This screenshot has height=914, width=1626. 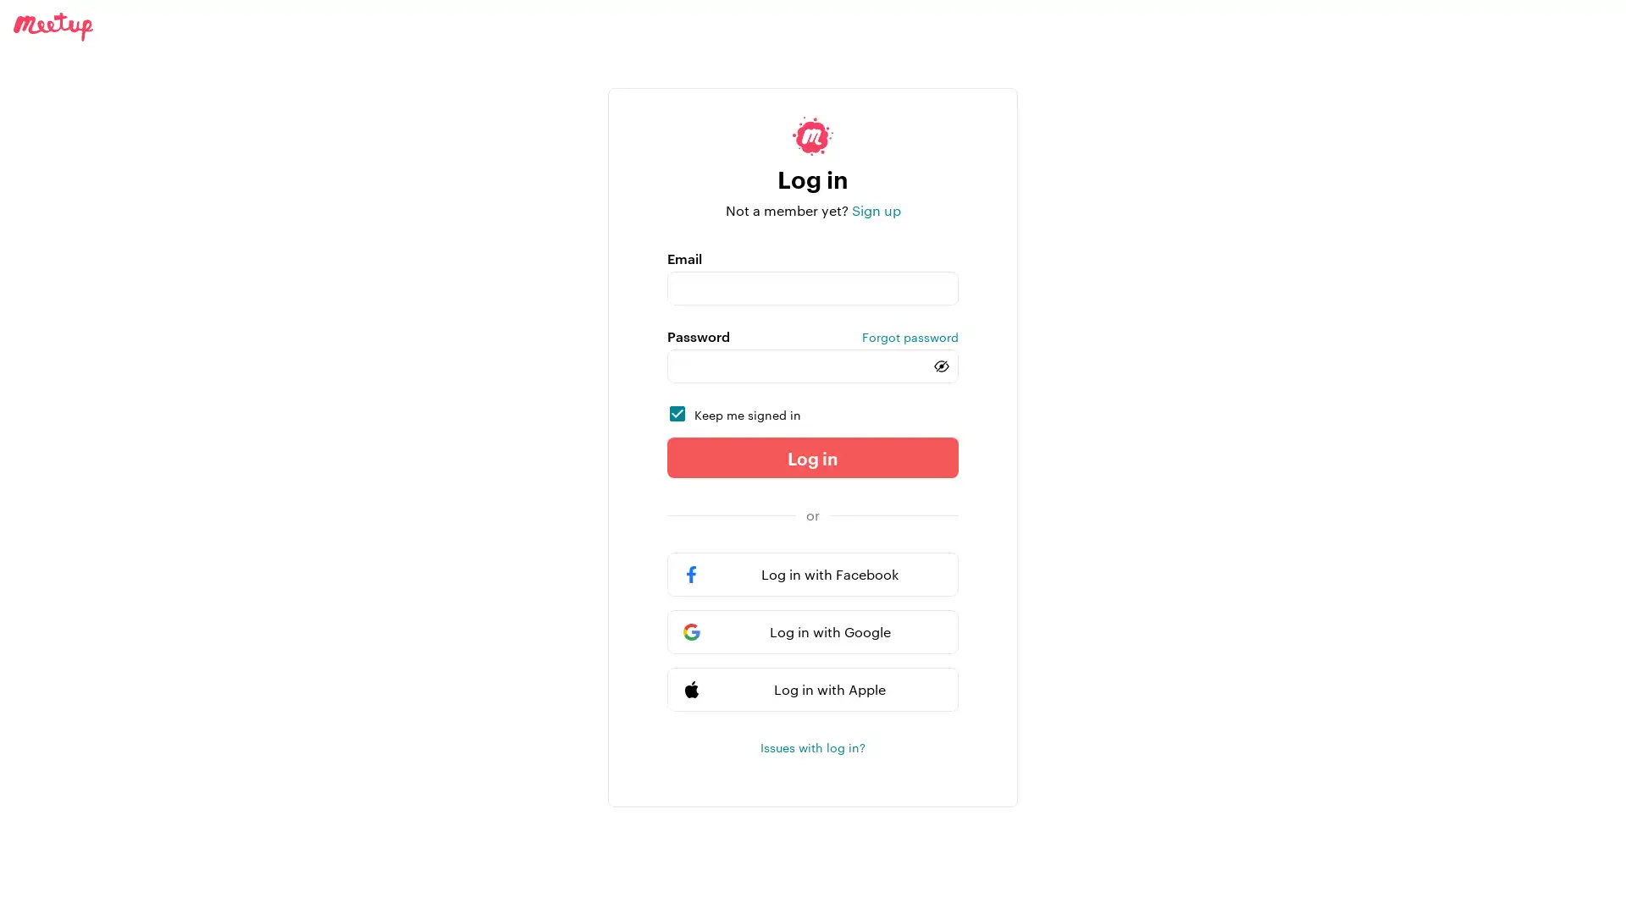 I want to click on Show password button, so click(x=941, y=365).